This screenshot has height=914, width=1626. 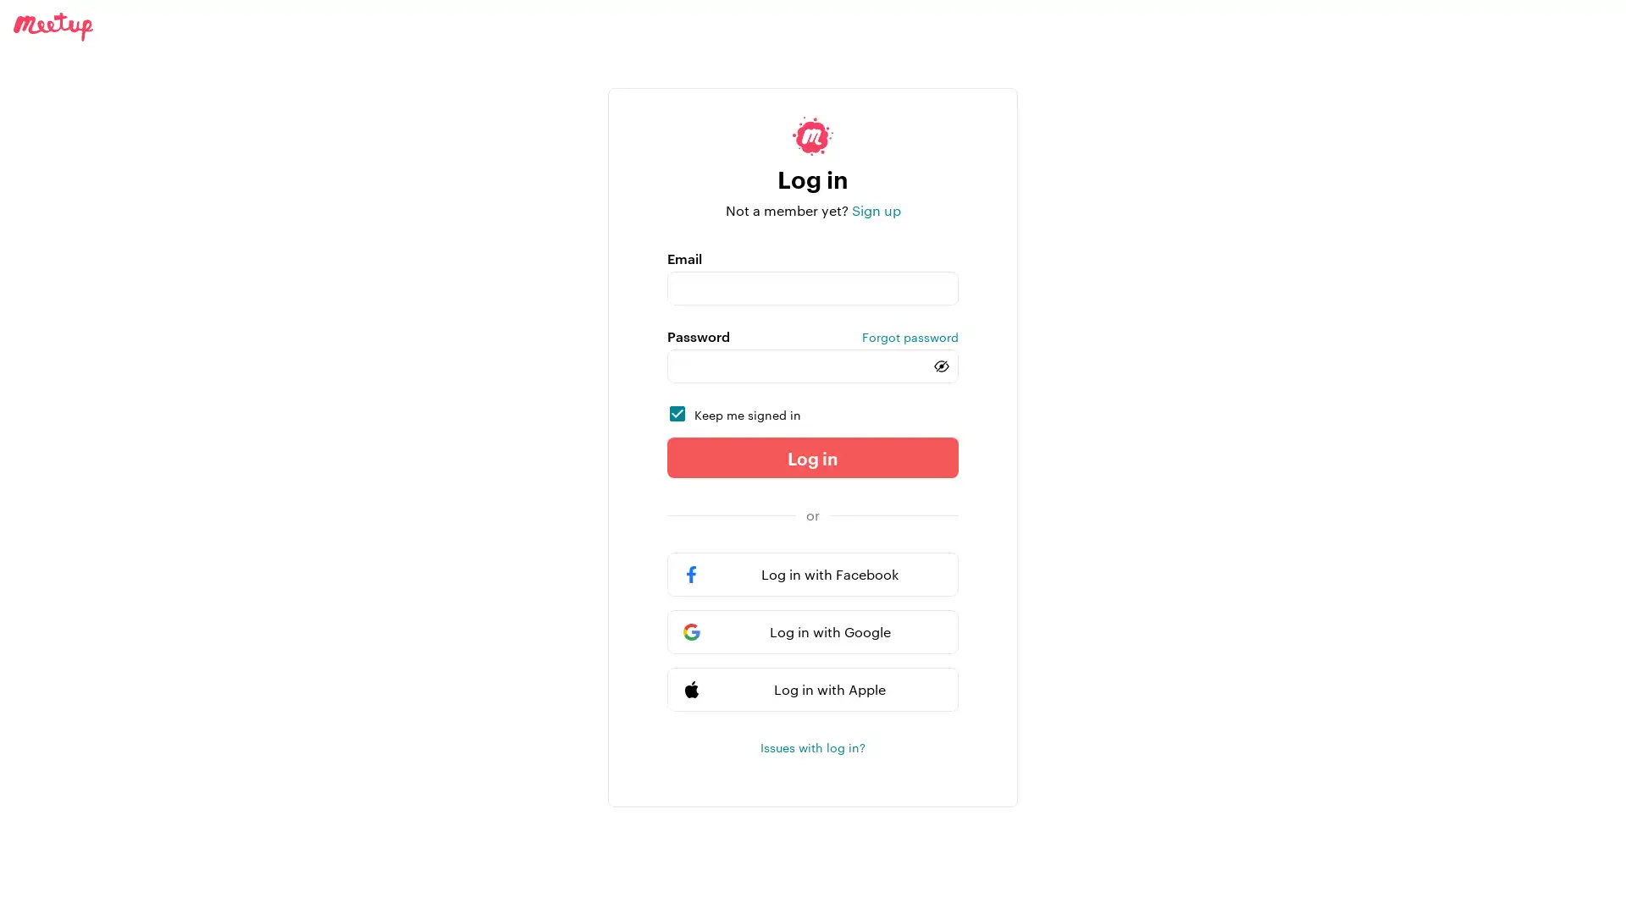 I want to click on Show password button, so click(x=941, y=365).